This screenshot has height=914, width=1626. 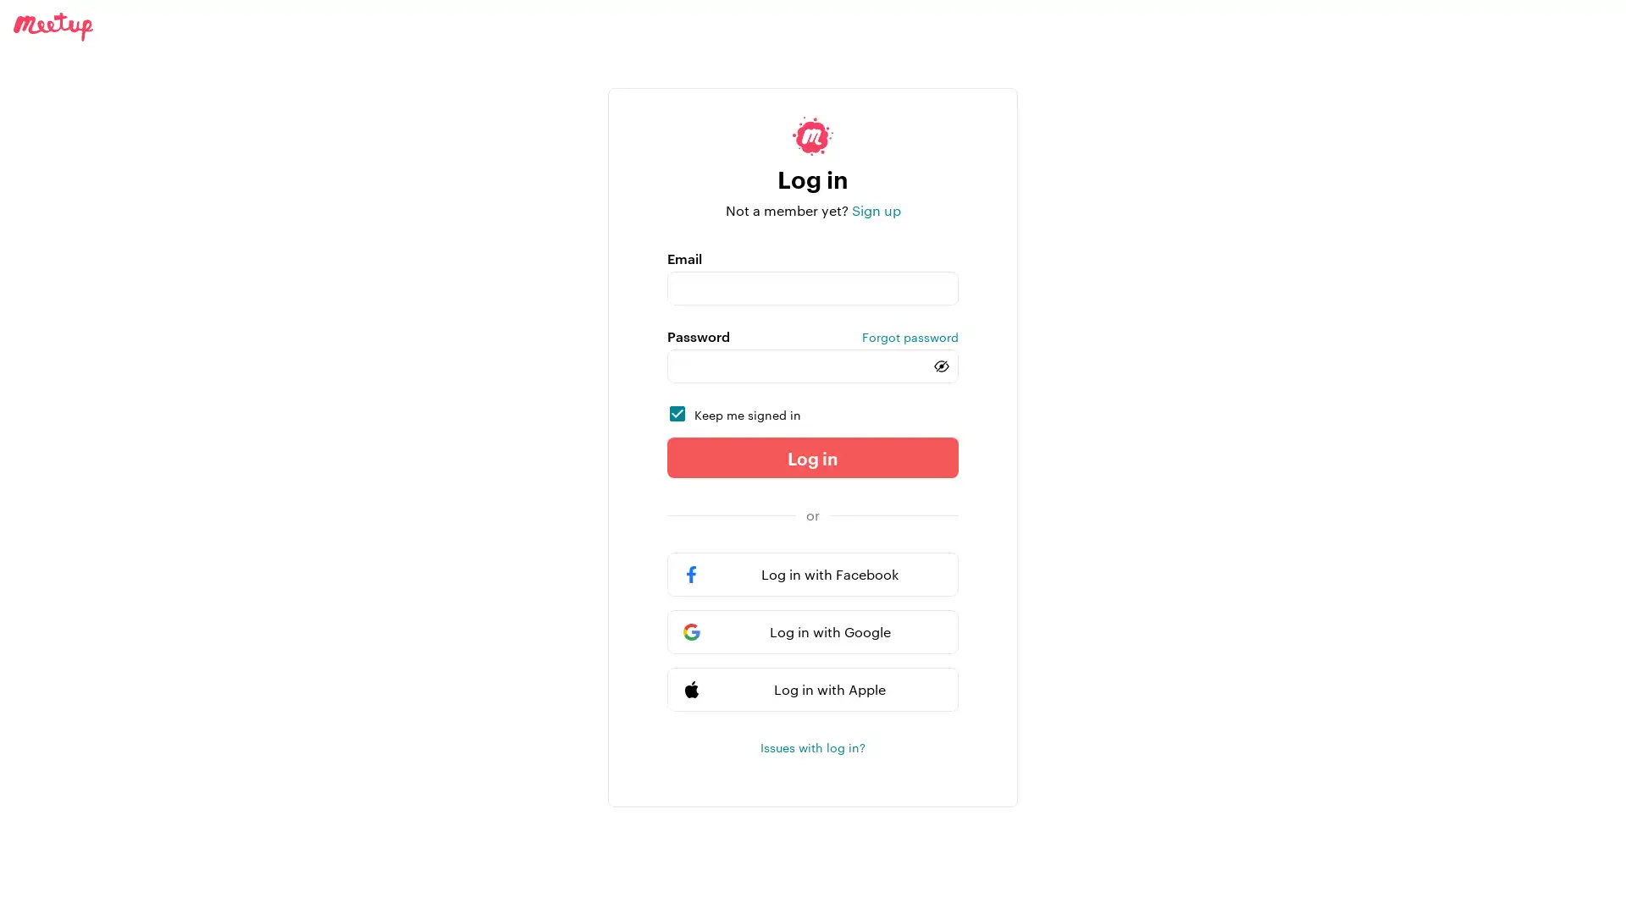 I want to click on Show password button, so click(x=941, y=365).